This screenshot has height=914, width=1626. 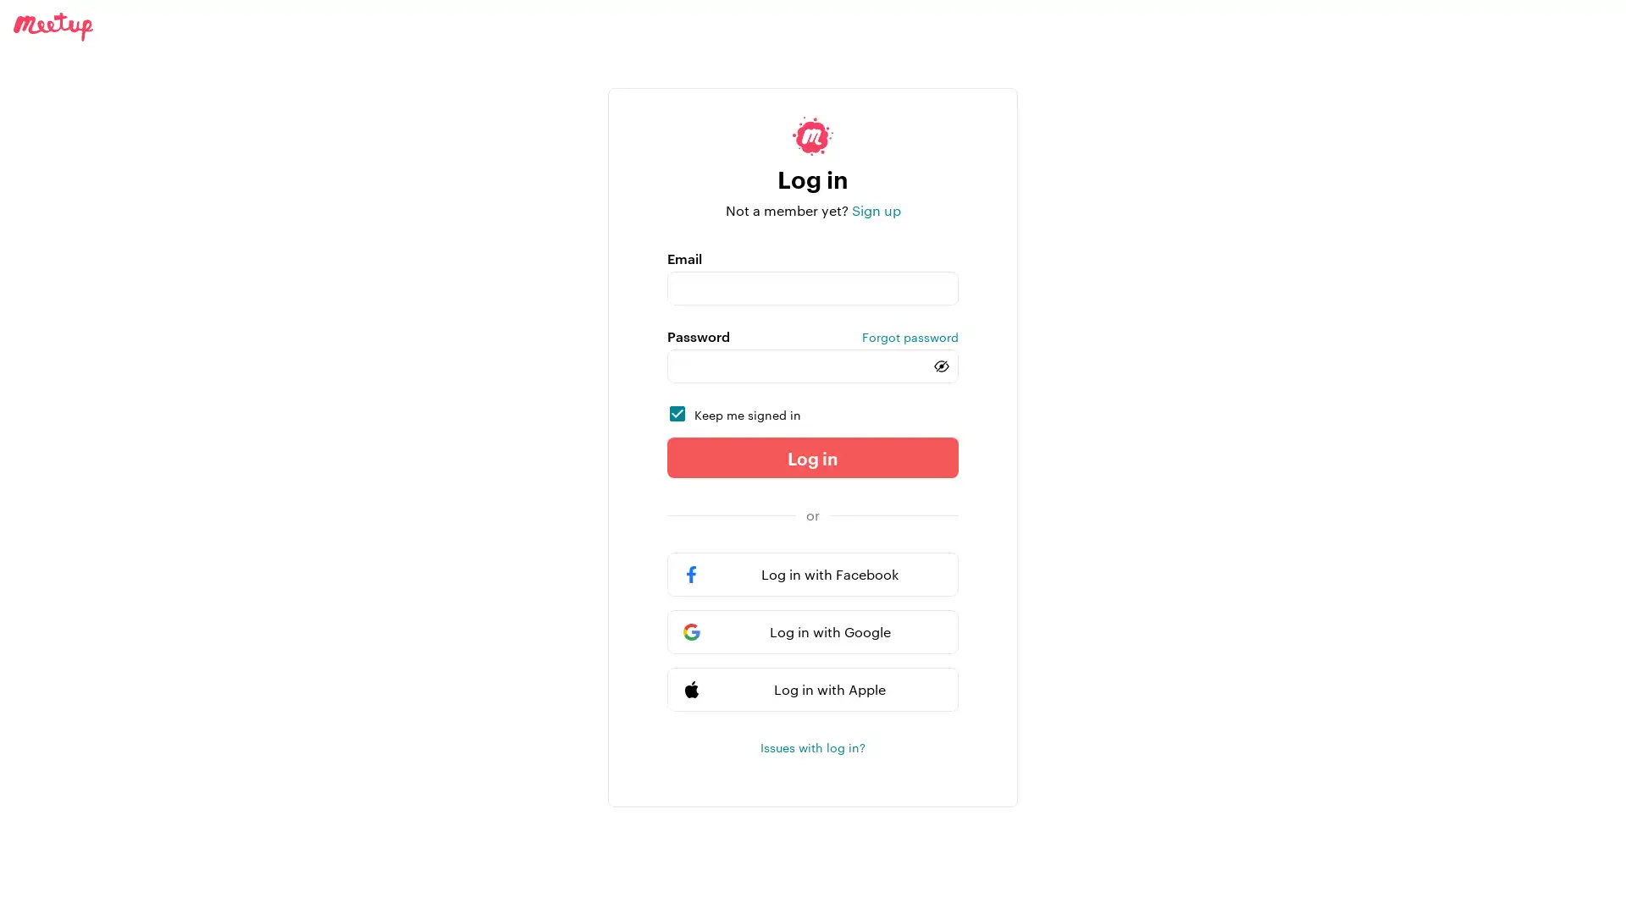 I want to click on Show password button, so click(x=941, y=365).